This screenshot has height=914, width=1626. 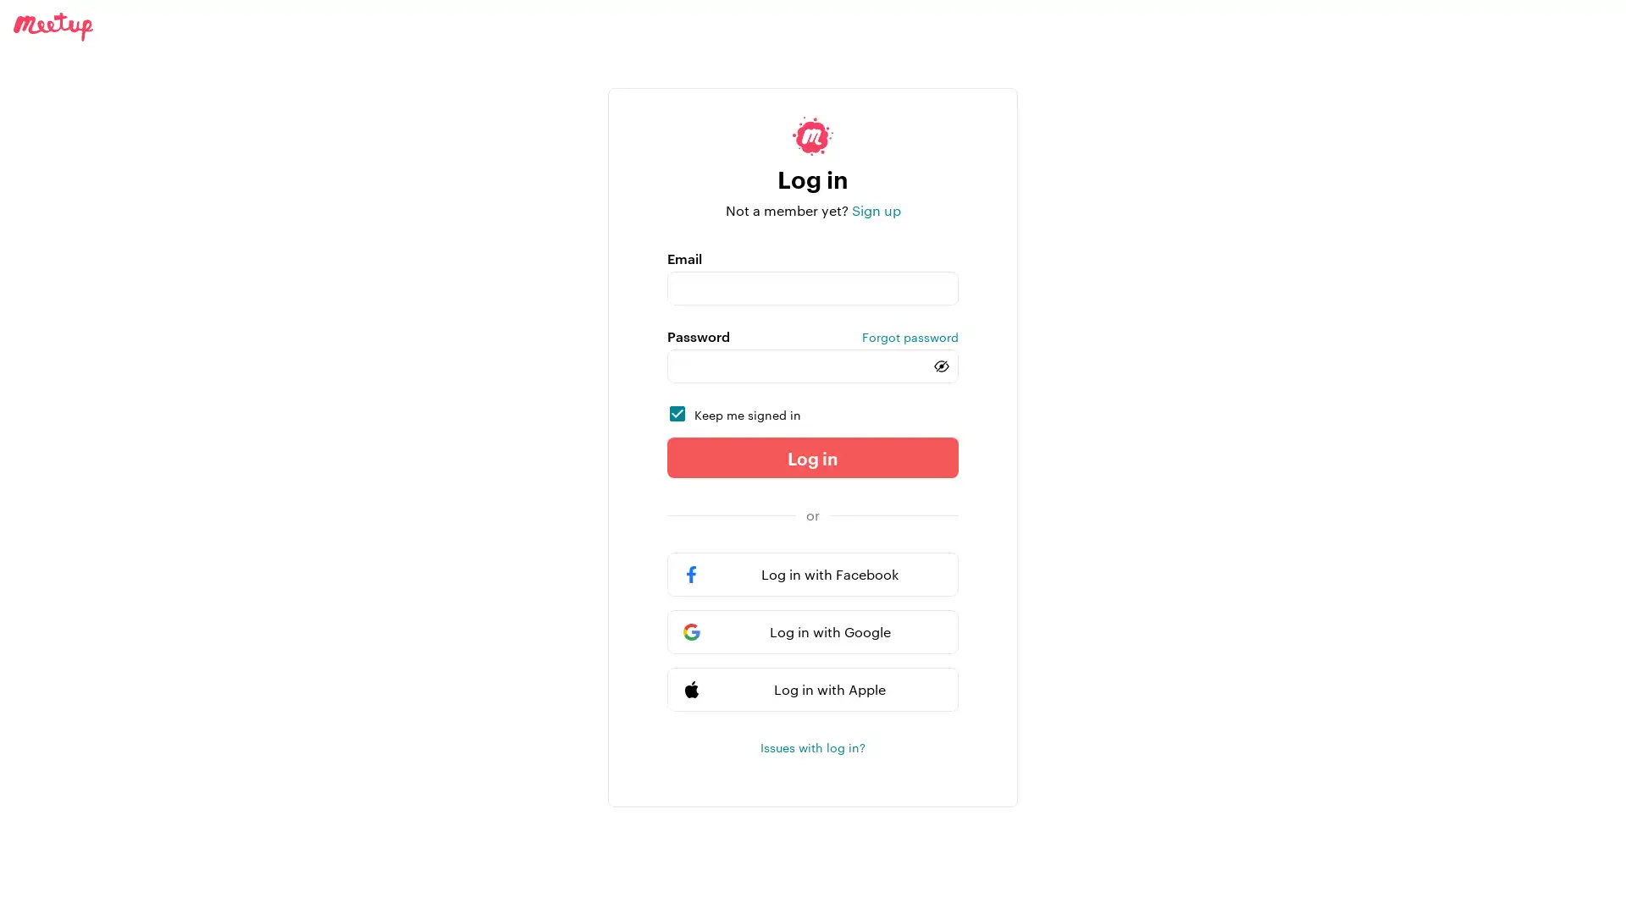 I want to click on Show password button, so click(x=941, y=365).